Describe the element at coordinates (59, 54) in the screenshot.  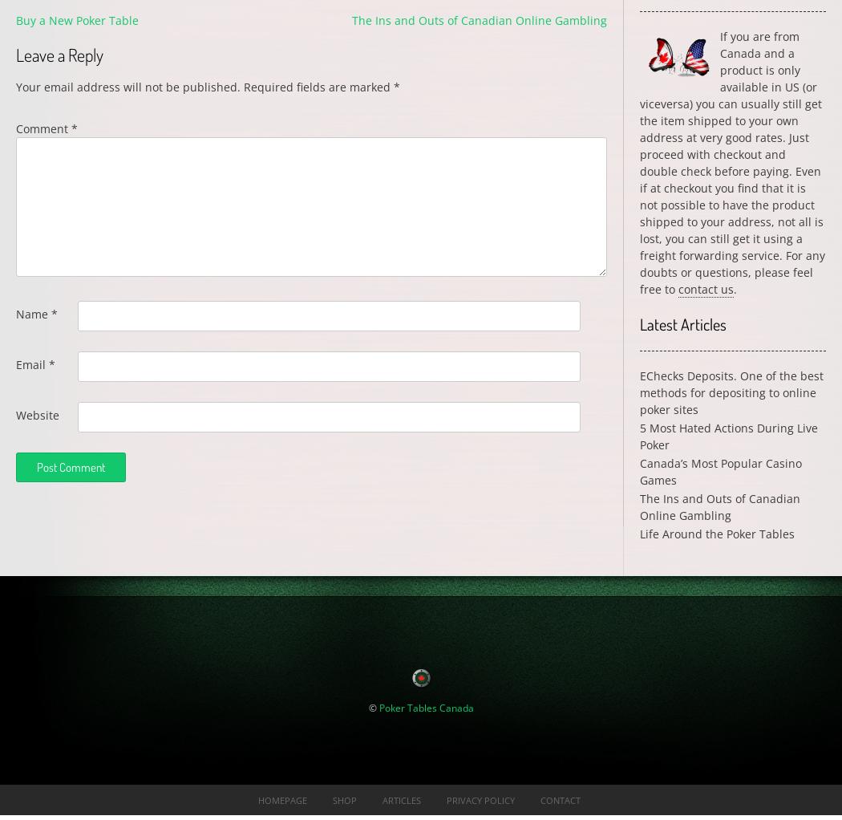
I see `'Leave a Reply'` at that location.